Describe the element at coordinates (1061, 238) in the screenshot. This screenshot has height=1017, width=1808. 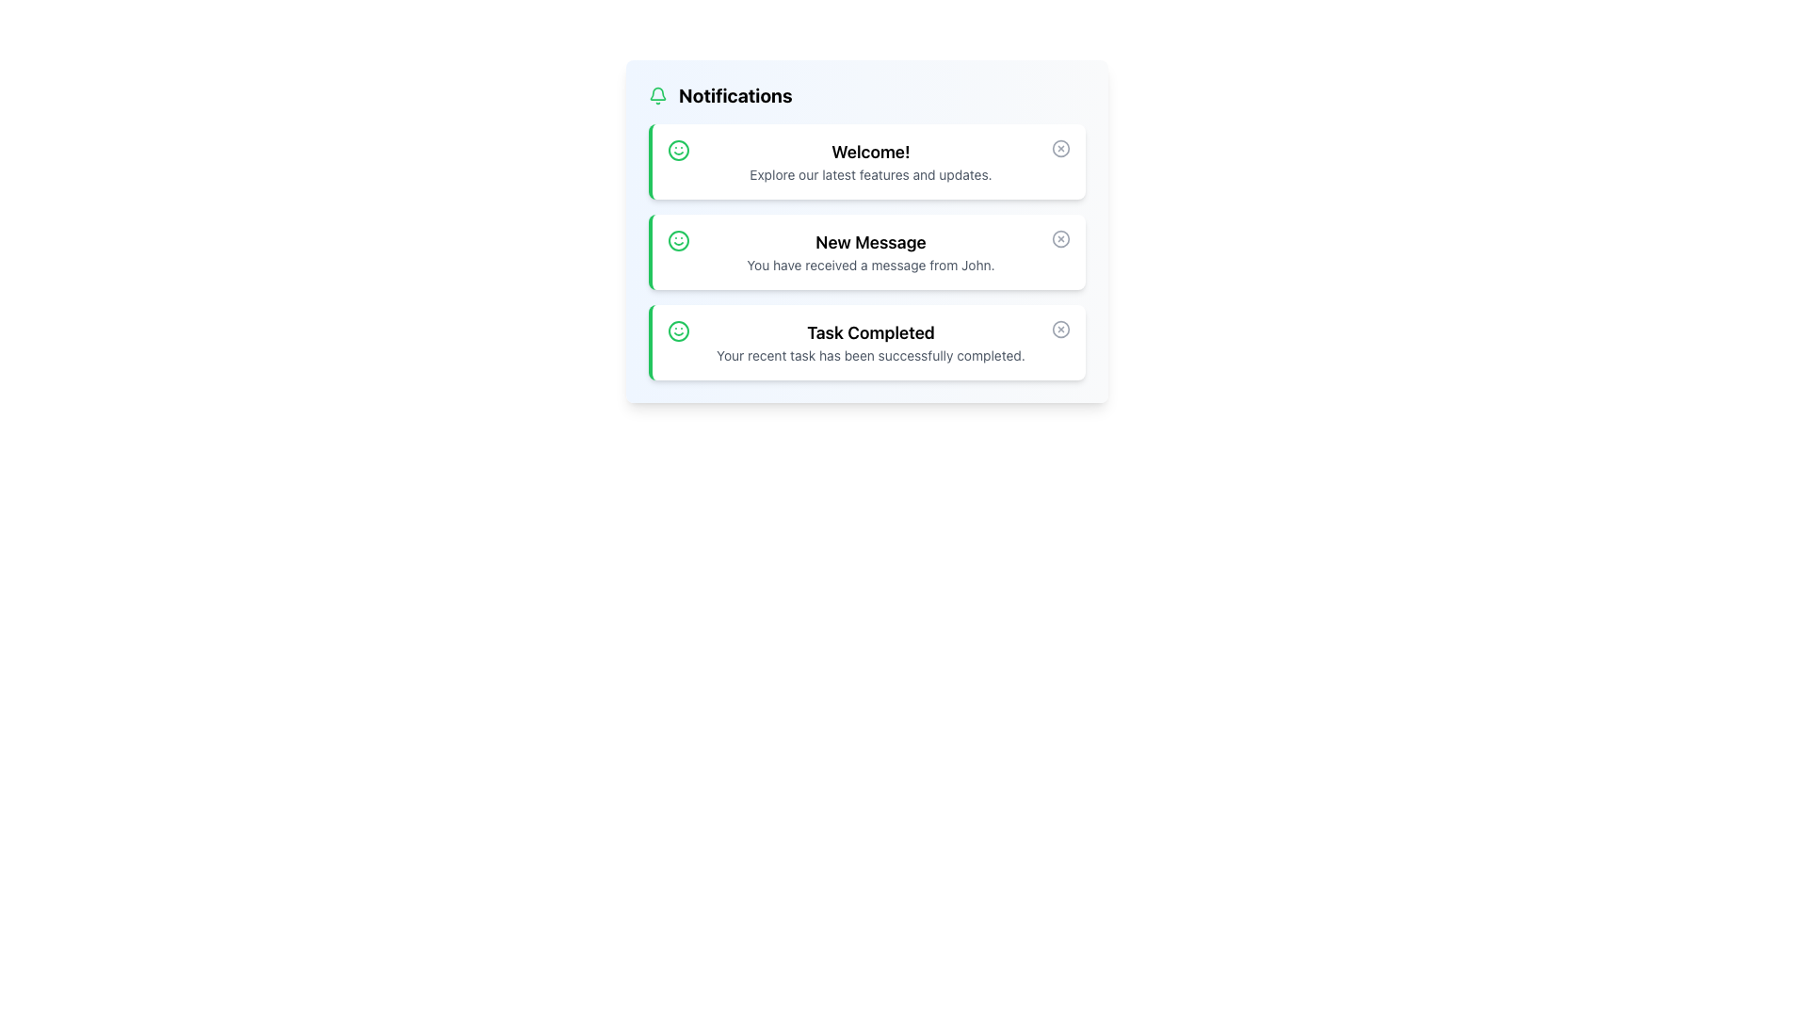
I see `the smaller, inner circle of the SVG-based icon that functions as a close or delete button within the 'New Message' notification interface` at that location.